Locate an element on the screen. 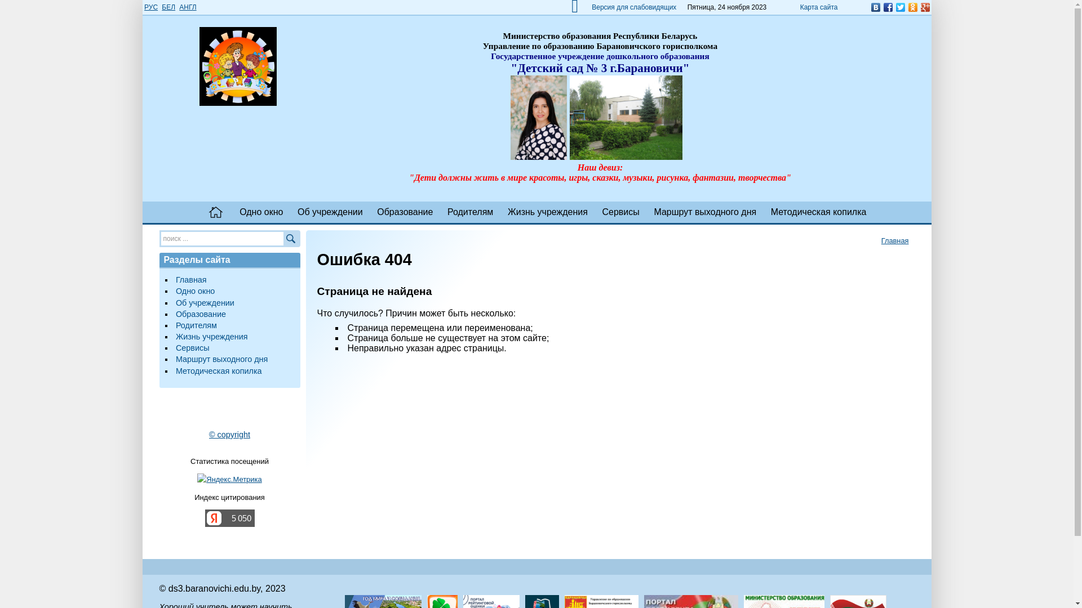 The image size is (1082, 608). 'Facebook' is located at coordinates (886, 7).